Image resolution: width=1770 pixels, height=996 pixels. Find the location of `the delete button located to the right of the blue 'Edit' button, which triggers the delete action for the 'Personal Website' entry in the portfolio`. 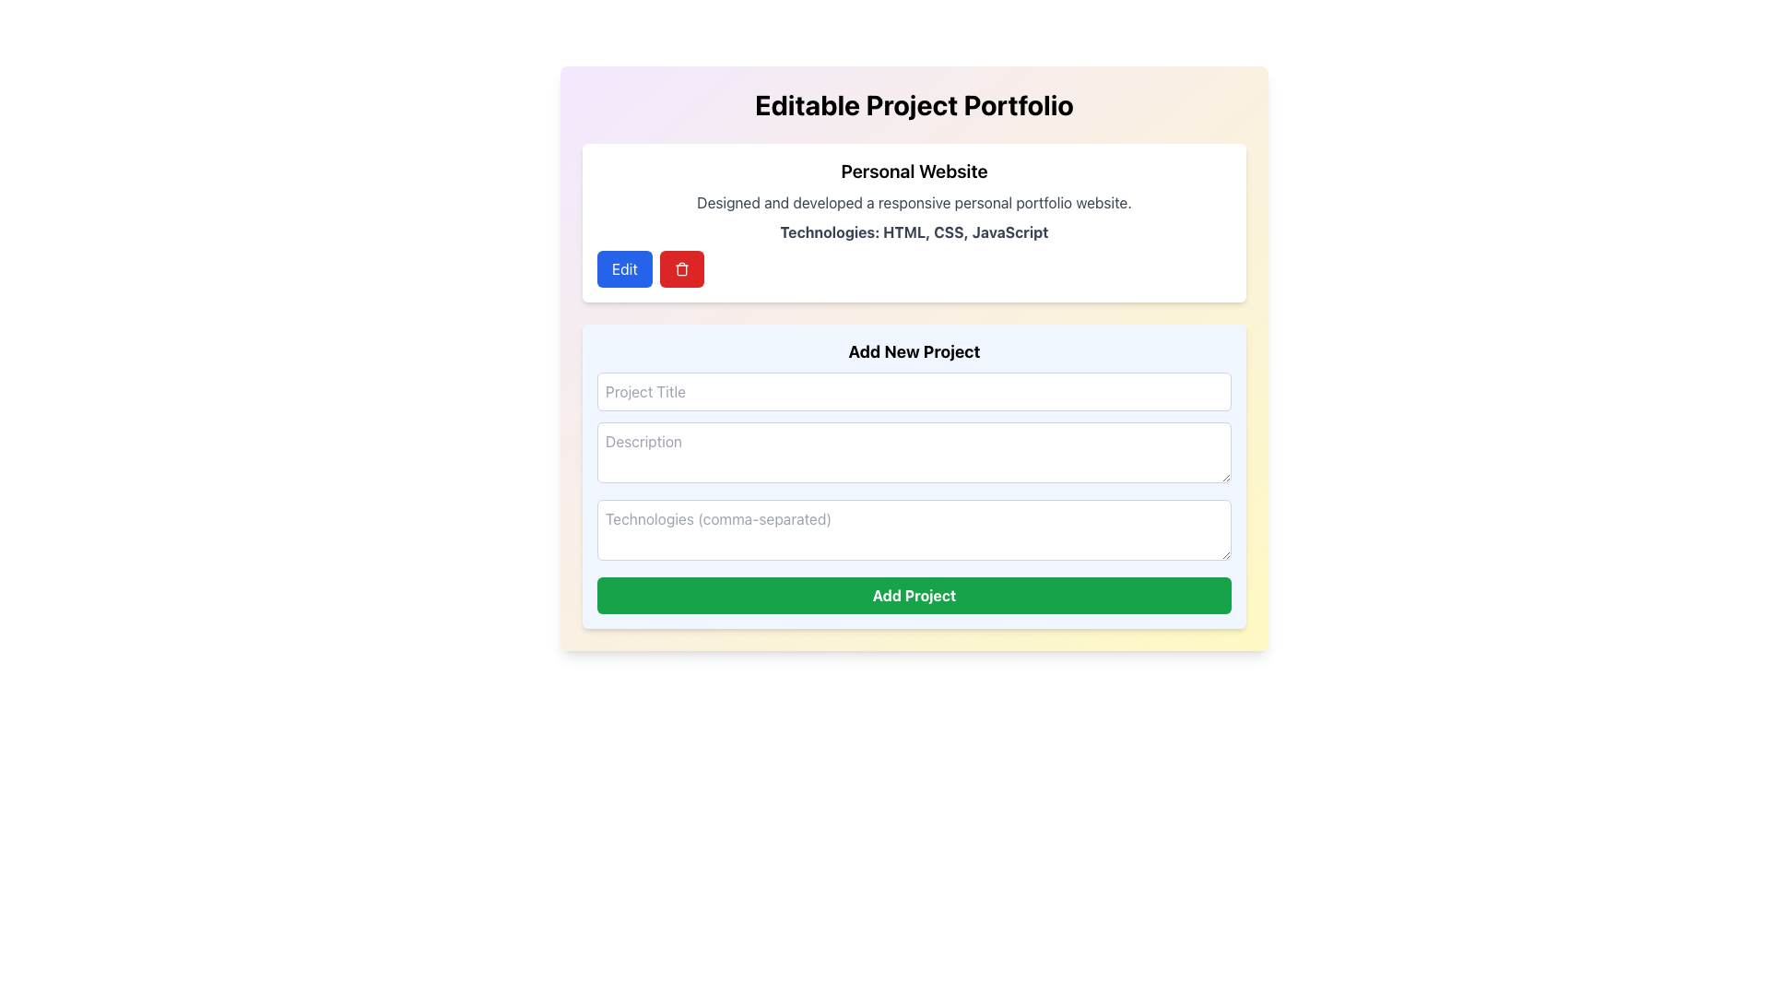

the delete button located to the right of the blue 'Edit' button, which triggers the delete action for the 'Personal Website' entry in the portfolio is located at coordinates (680, 269).